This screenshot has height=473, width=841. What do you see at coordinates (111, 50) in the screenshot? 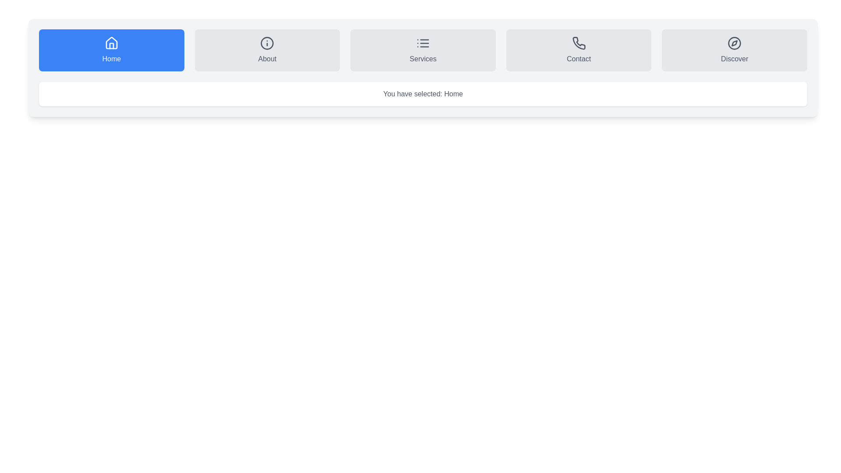
I see `the 'Home' button located at the top-left corner of the button group` at bounding box center [111, 50].